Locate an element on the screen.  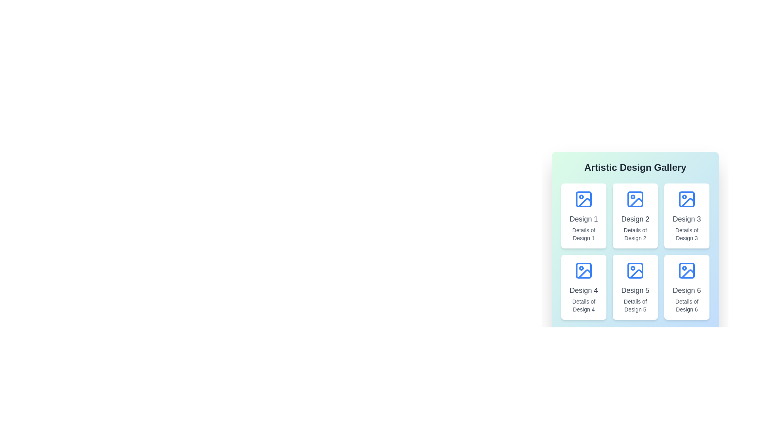
the icon representing 'Design 2' located in the second card of the top row in the 'Artistic Design Gallery' is located at coordinates (635, 199).